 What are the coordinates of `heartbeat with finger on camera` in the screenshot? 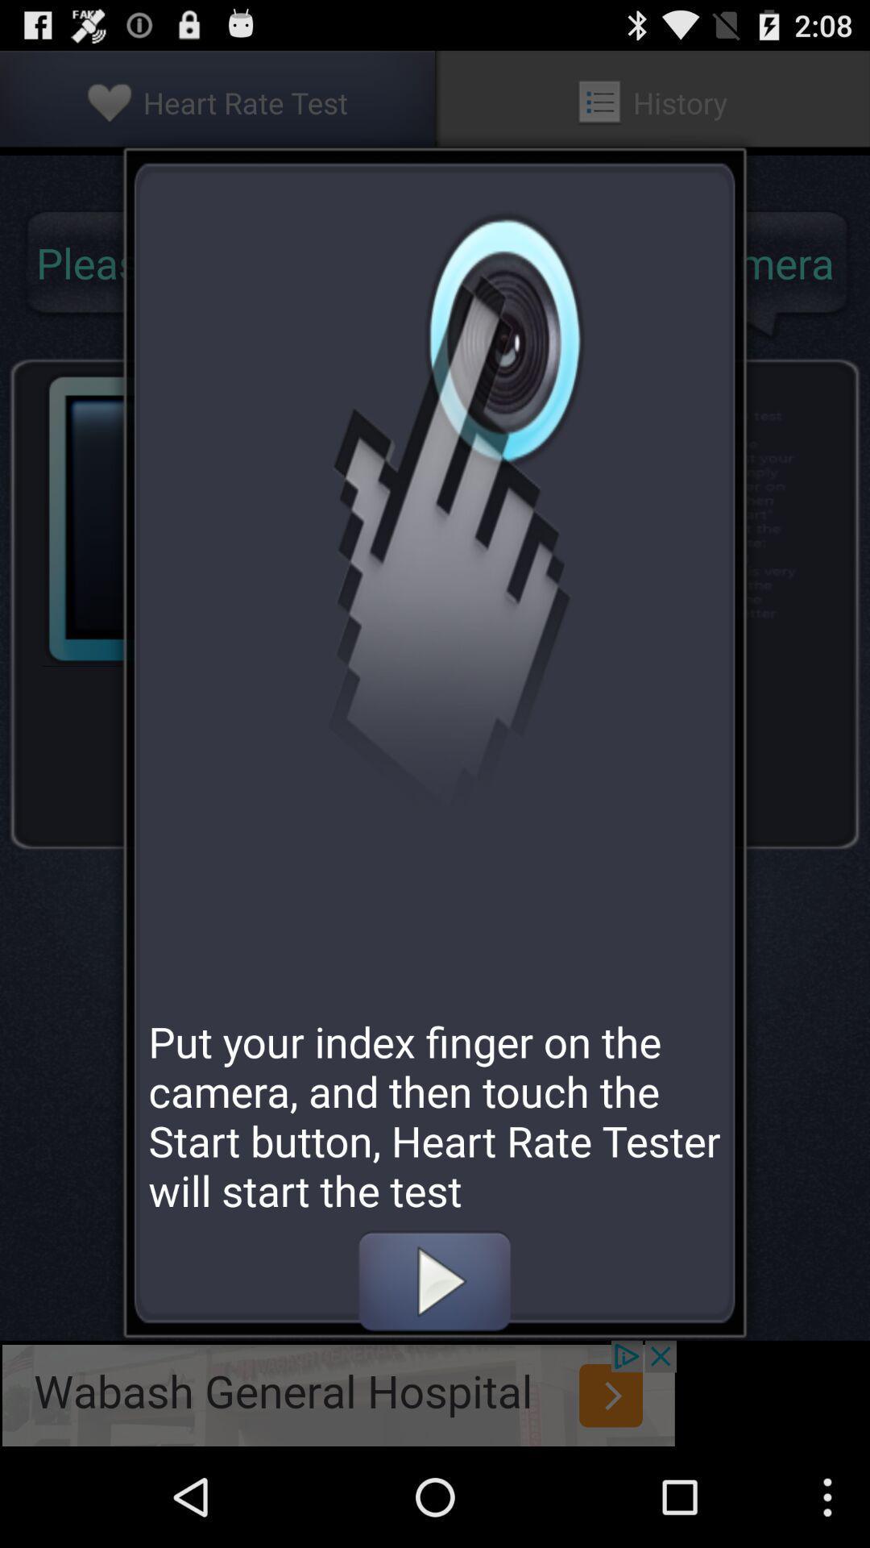 It's located at (433, 1280).